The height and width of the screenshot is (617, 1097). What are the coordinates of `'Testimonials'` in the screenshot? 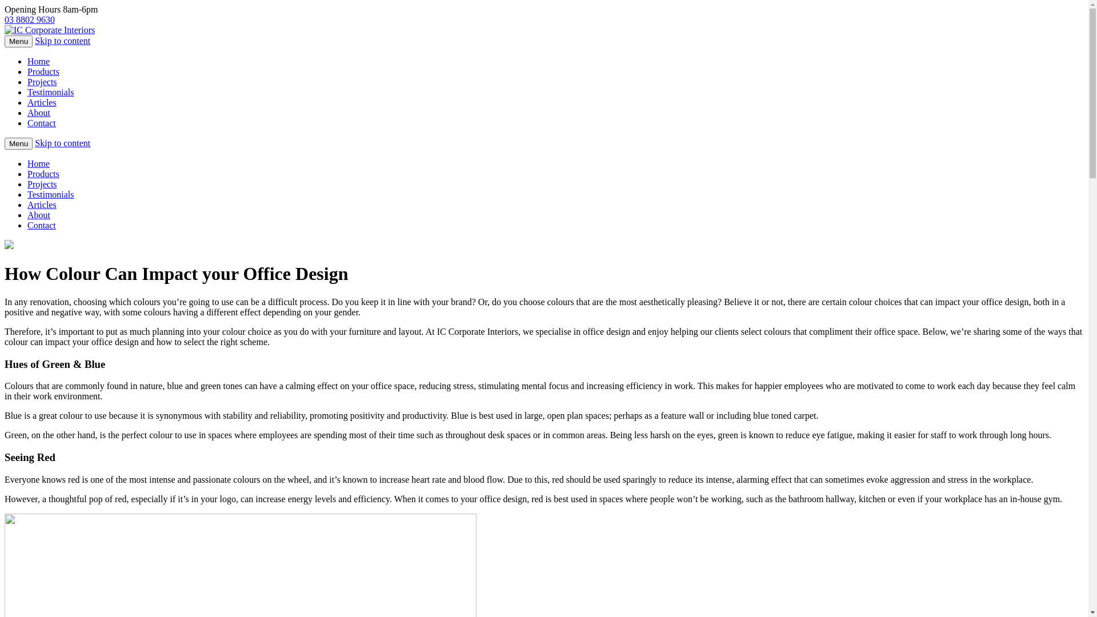 It's located at (50, 91).